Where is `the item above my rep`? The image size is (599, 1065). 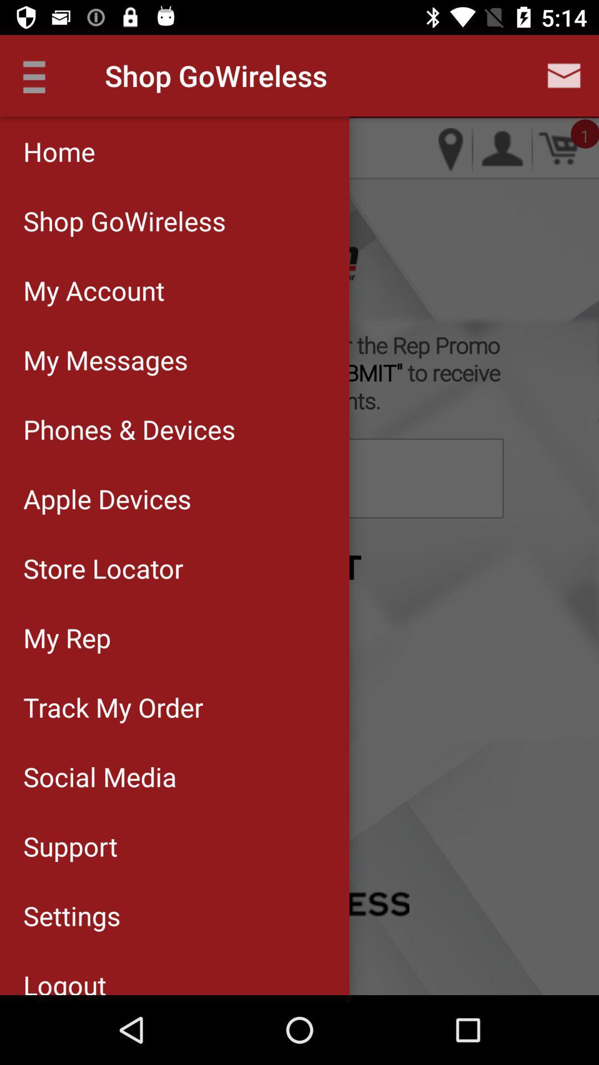 the item above my rep is located at coordinates (175, 568).